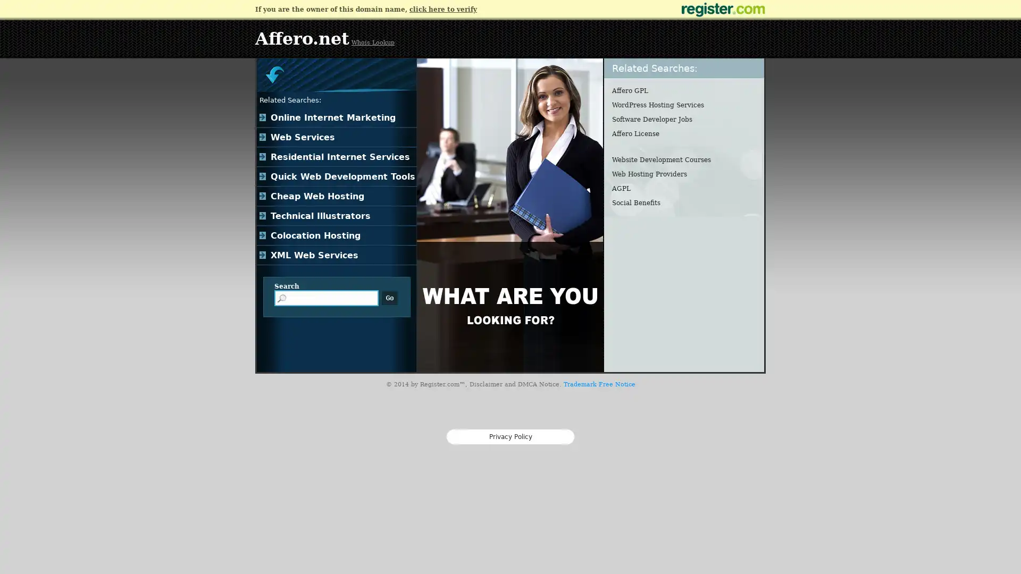 This screenshot has width=1021, height=574. I want to click on Go, so click(389, 298).